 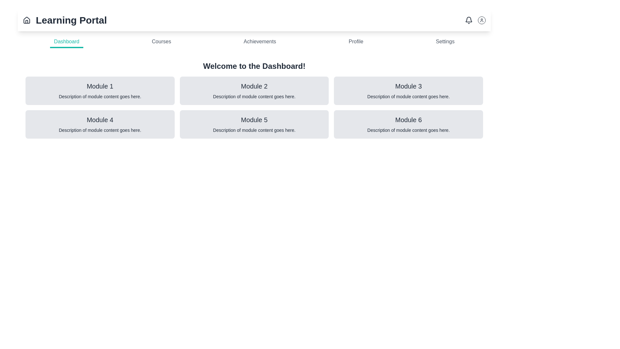 What do you see at coordinates (161, 42) in the screenshot?
I see `the 'Courses' navigation tab in the top navigation bar to redirect to the Courses section of the application` at bounding box center [161, 42].